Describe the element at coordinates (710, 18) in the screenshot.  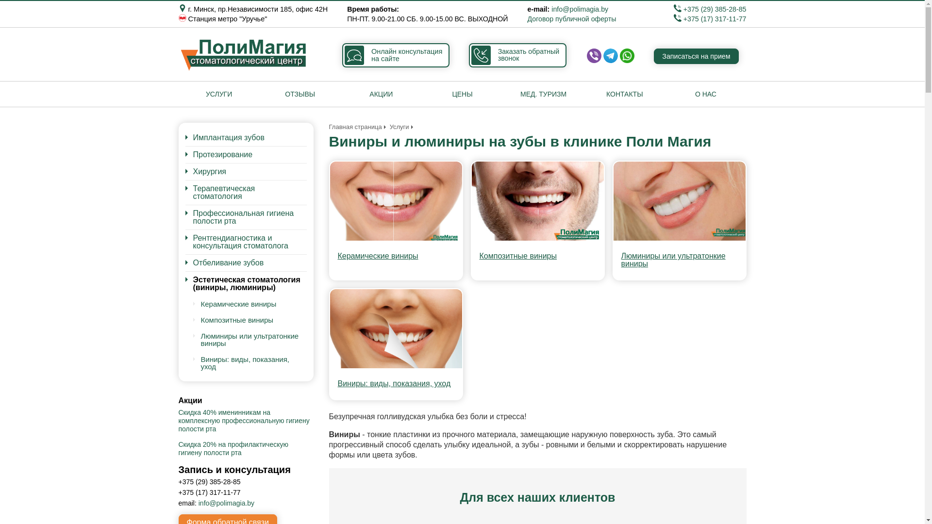
I see `'+375 (17) 317-11-77'` at that location.